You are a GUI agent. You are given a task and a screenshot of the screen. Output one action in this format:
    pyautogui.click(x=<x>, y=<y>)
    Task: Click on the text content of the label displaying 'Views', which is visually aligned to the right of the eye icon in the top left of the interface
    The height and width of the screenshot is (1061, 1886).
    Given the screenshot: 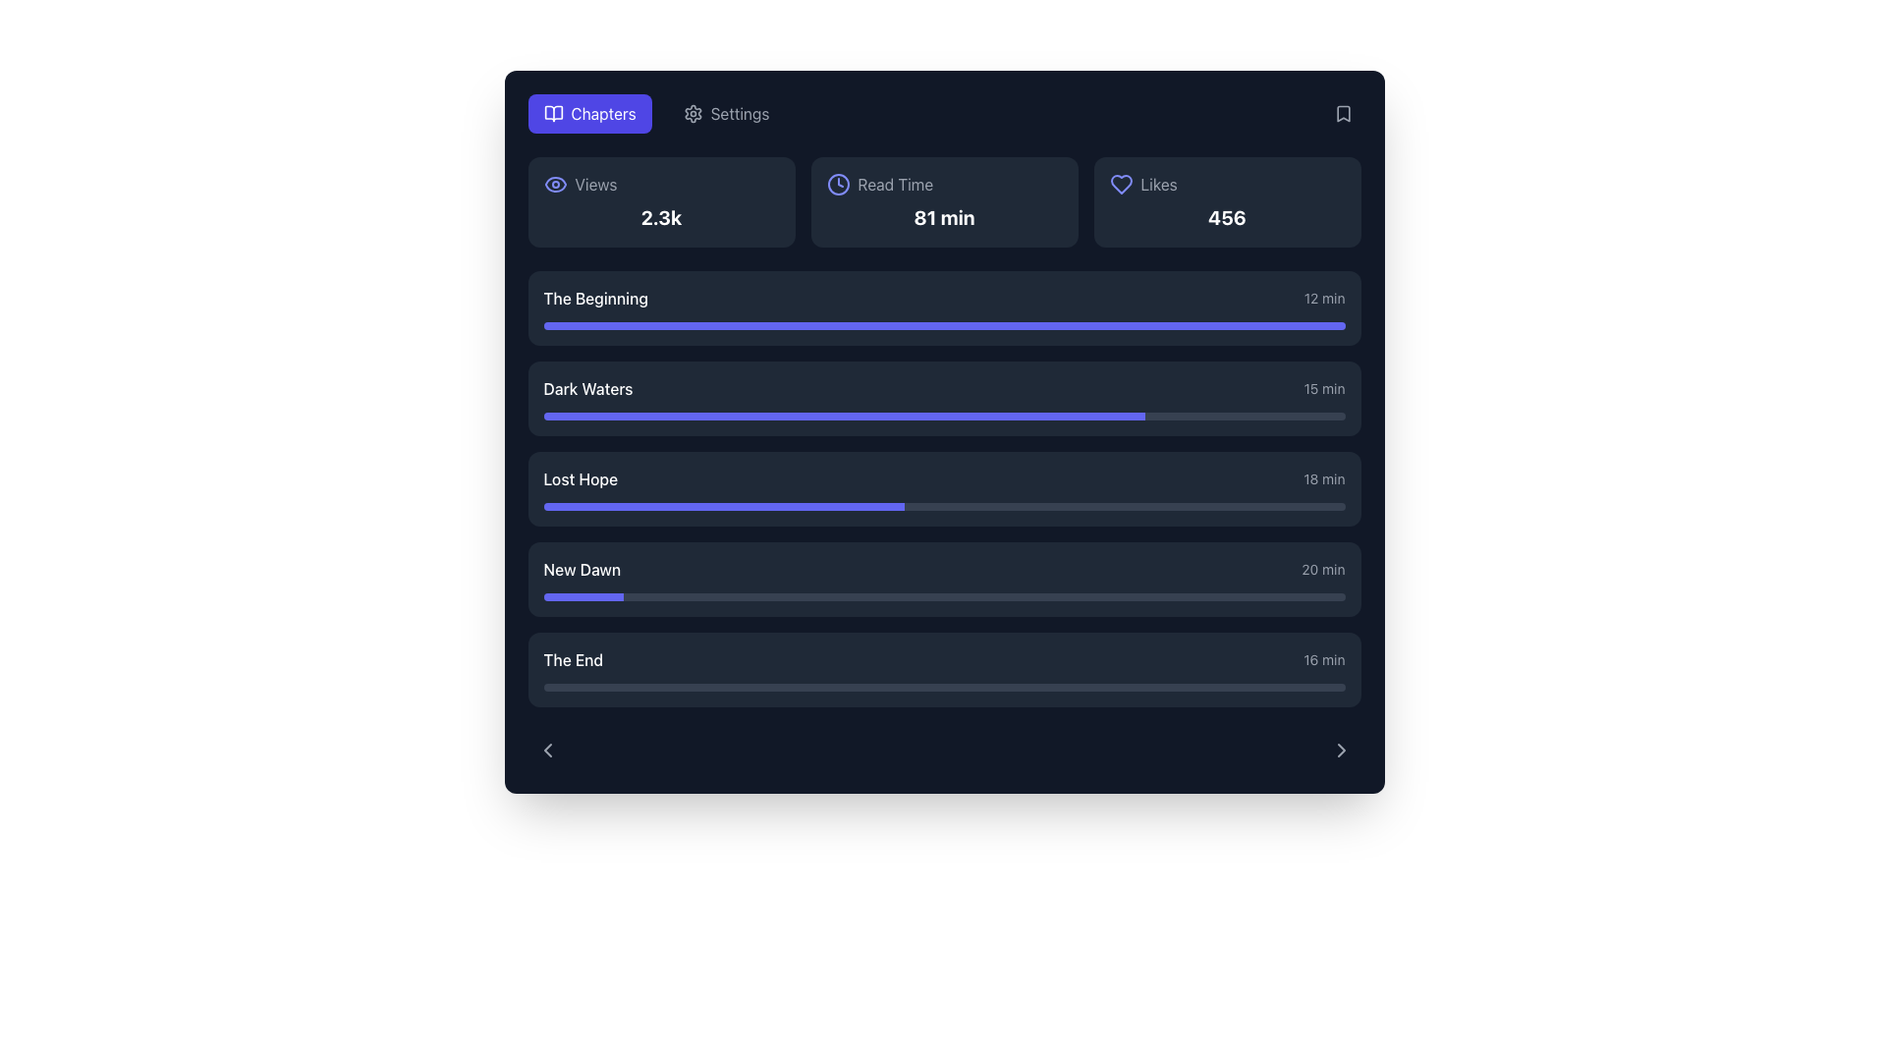 What is the action you would take?
    pyautogui.click(x=594, y=185)
    